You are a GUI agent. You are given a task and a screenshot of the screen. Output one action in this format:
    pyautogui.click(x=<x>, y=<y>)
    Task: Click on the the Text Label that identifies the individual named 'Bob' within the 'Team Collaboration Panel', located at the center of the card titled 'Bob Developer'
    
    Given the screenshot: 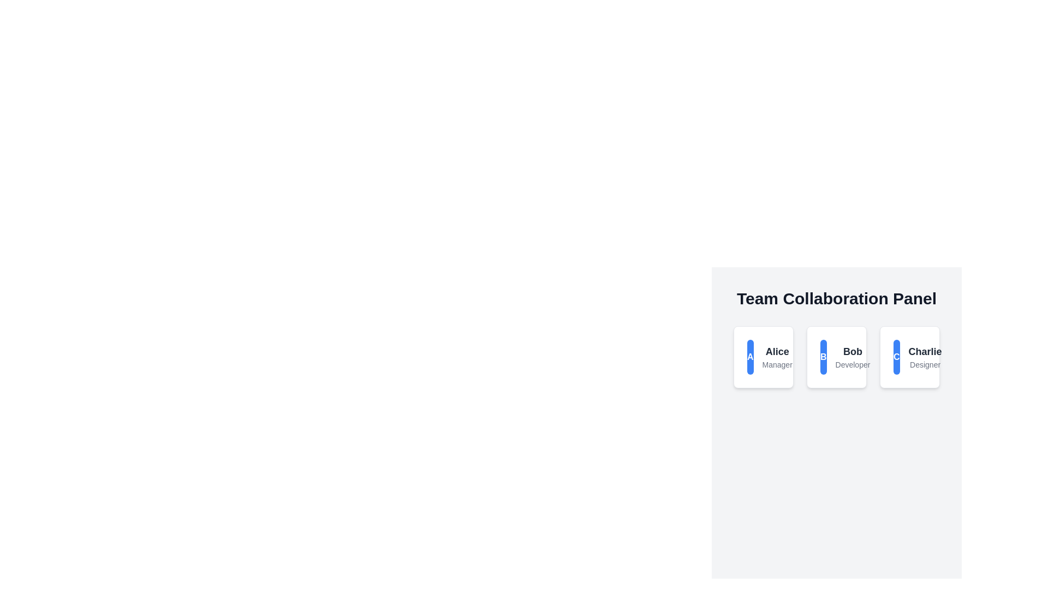 What is the action you would take?
    pyautogui.click(x=852, y=351)
    